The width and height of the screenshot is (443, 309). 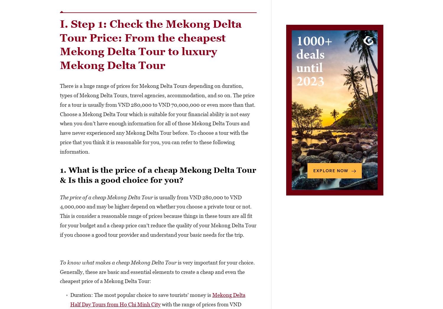 I want to click on 'is usually from VND 280,000 to VND 4,000,000 and may be higher depend on whether you choose a private tour or not. This is consider a reasonable range of prices because things in these tours are all fit for your budget and a cheap price can't reduce the quality of your Mekong Delta Tour if you choose a good tour provider and understand your basic needs for the trip.', so click(x=158, y=216).